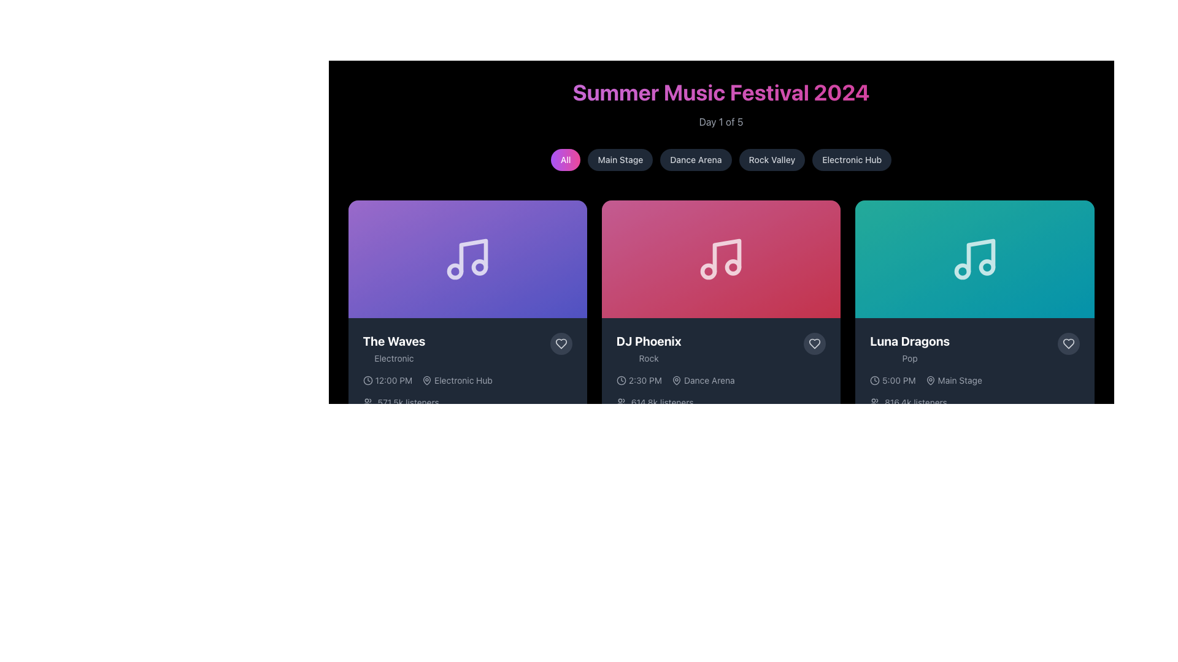 The height and width of the screenshot is (662, 1178). I want to click on the text 'Luna Dragons' within the composite component that includes a heart icon button, for further options, so click(974, 349).